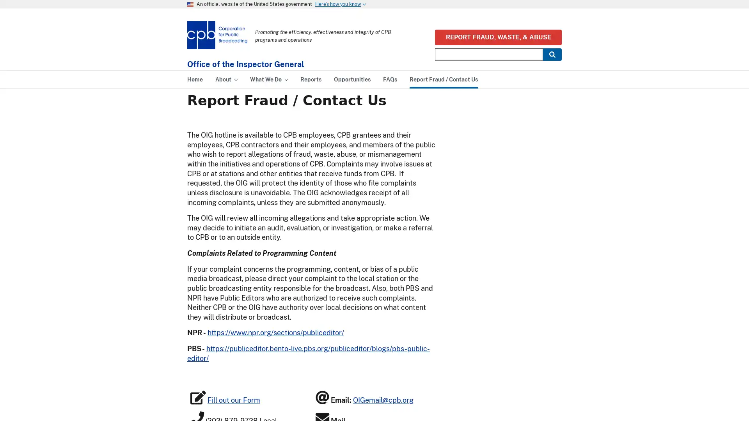  Describe the element at coordinates (269, 80) in the screenshot. I see `What We Do` at that location.